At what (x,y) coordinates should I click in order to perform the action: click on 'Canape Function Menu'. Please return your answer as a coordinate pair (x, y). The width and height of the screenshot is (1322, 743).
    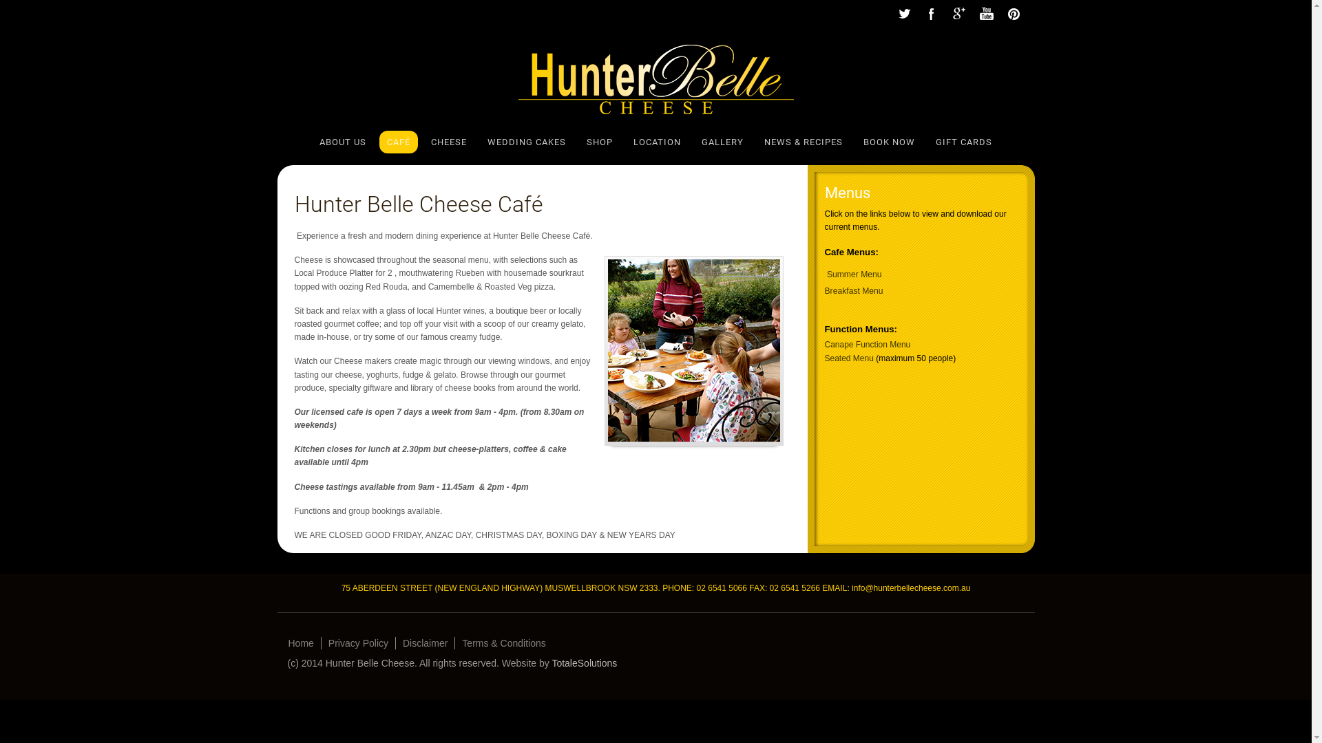
    Looking at the image, I should click on (867, 344).